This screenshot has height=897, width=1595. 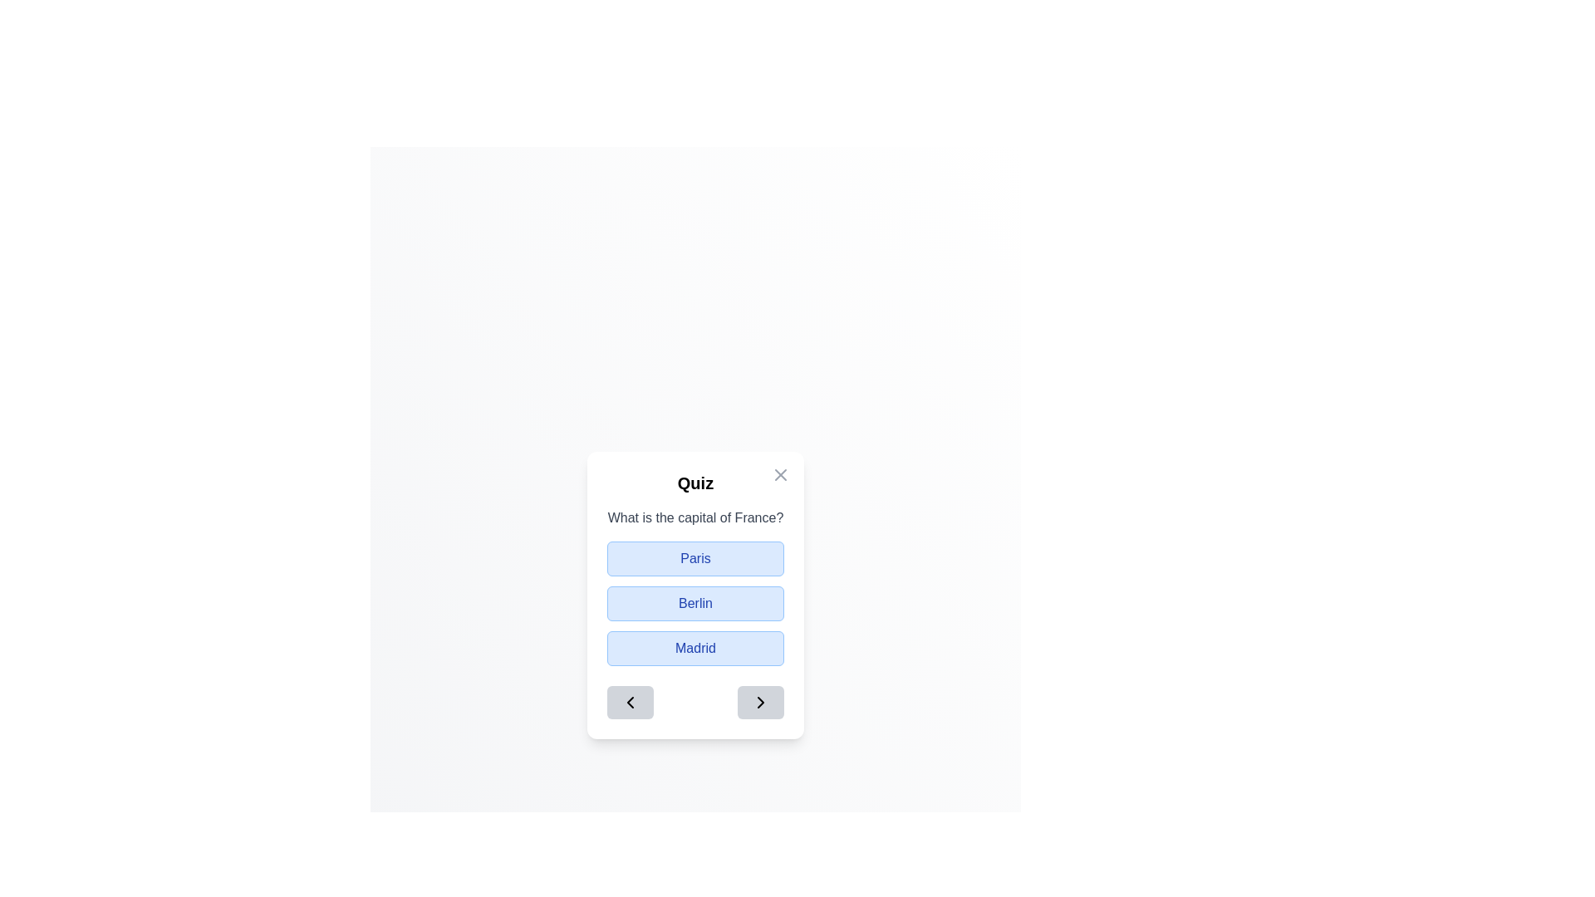 What do you see at coordinates (695, 603) in the screenshot?
I see `the rectangular button labeled 'Berlin' with a light blue background` at bounding box center [695, 603].